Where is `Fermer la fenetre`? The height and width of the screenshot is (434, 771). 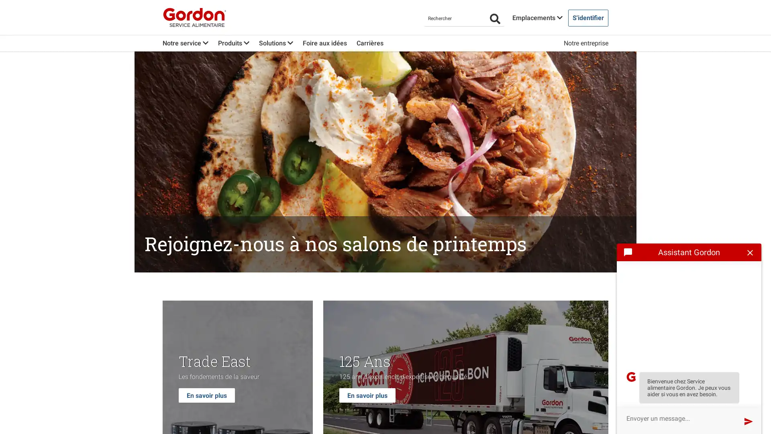 Fermer la fenetre is located at coordinates (749, 252).